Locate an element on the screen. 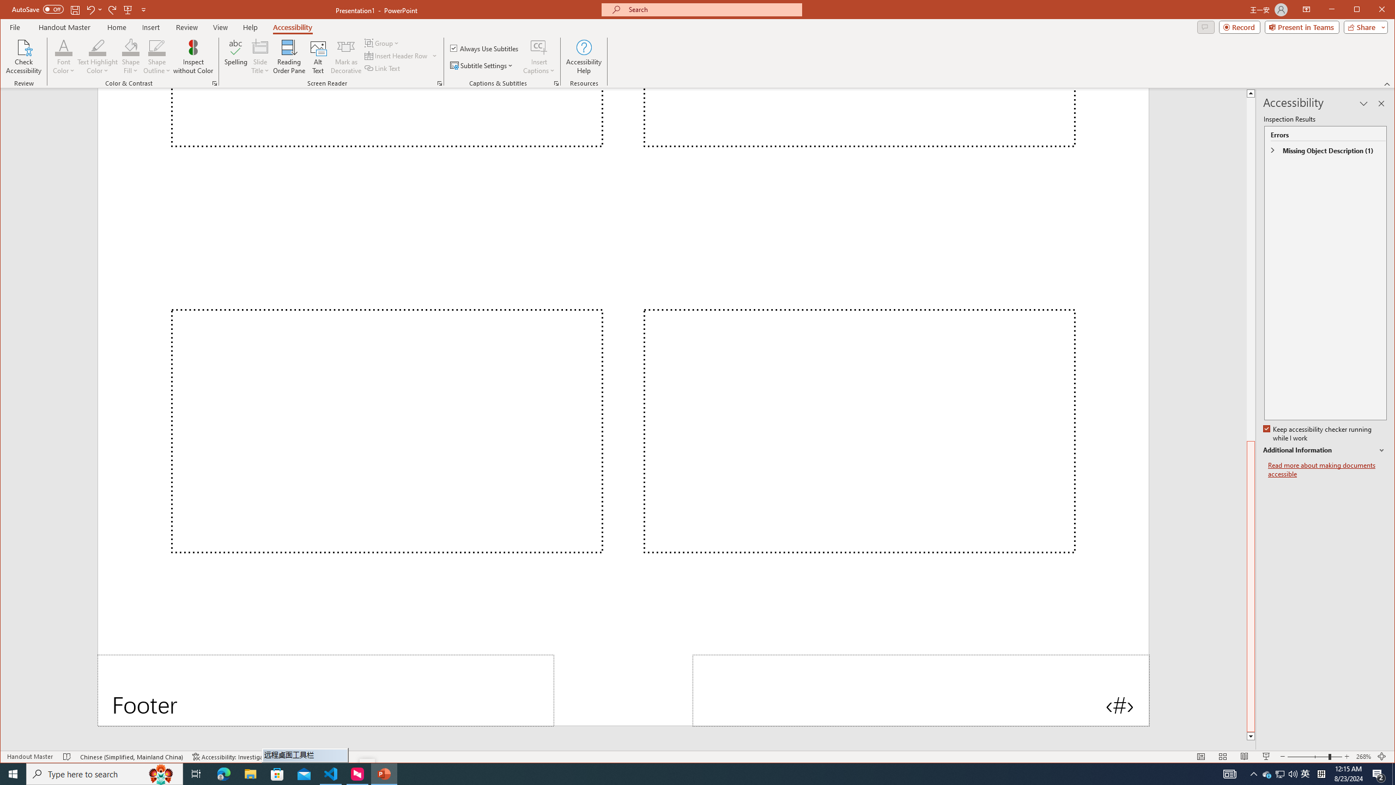 The image size is (1395, 785). 'Read more about making documents accessible' is located at coordinates (1326, 469).